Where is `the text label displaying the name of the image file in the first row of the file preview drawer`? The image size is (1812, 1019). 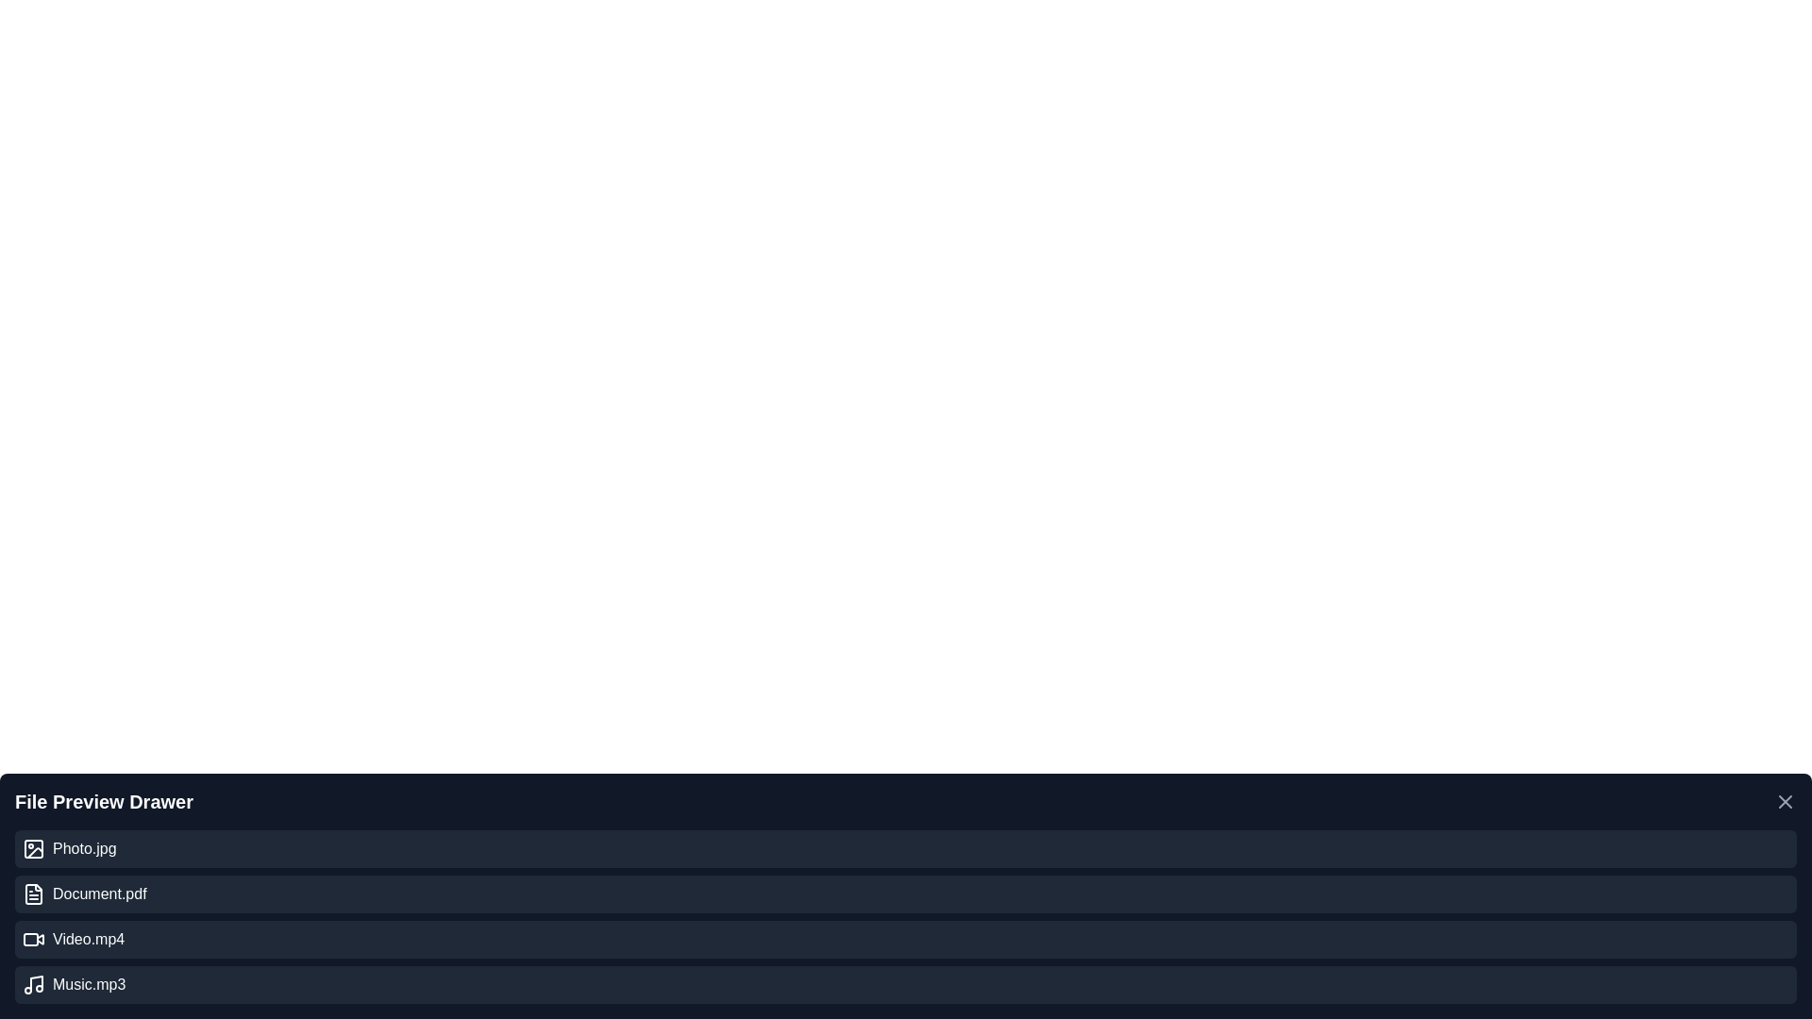
the text label displaying the name of the image file in the first row of the file preview drawer is located at coordinates (83, 847).